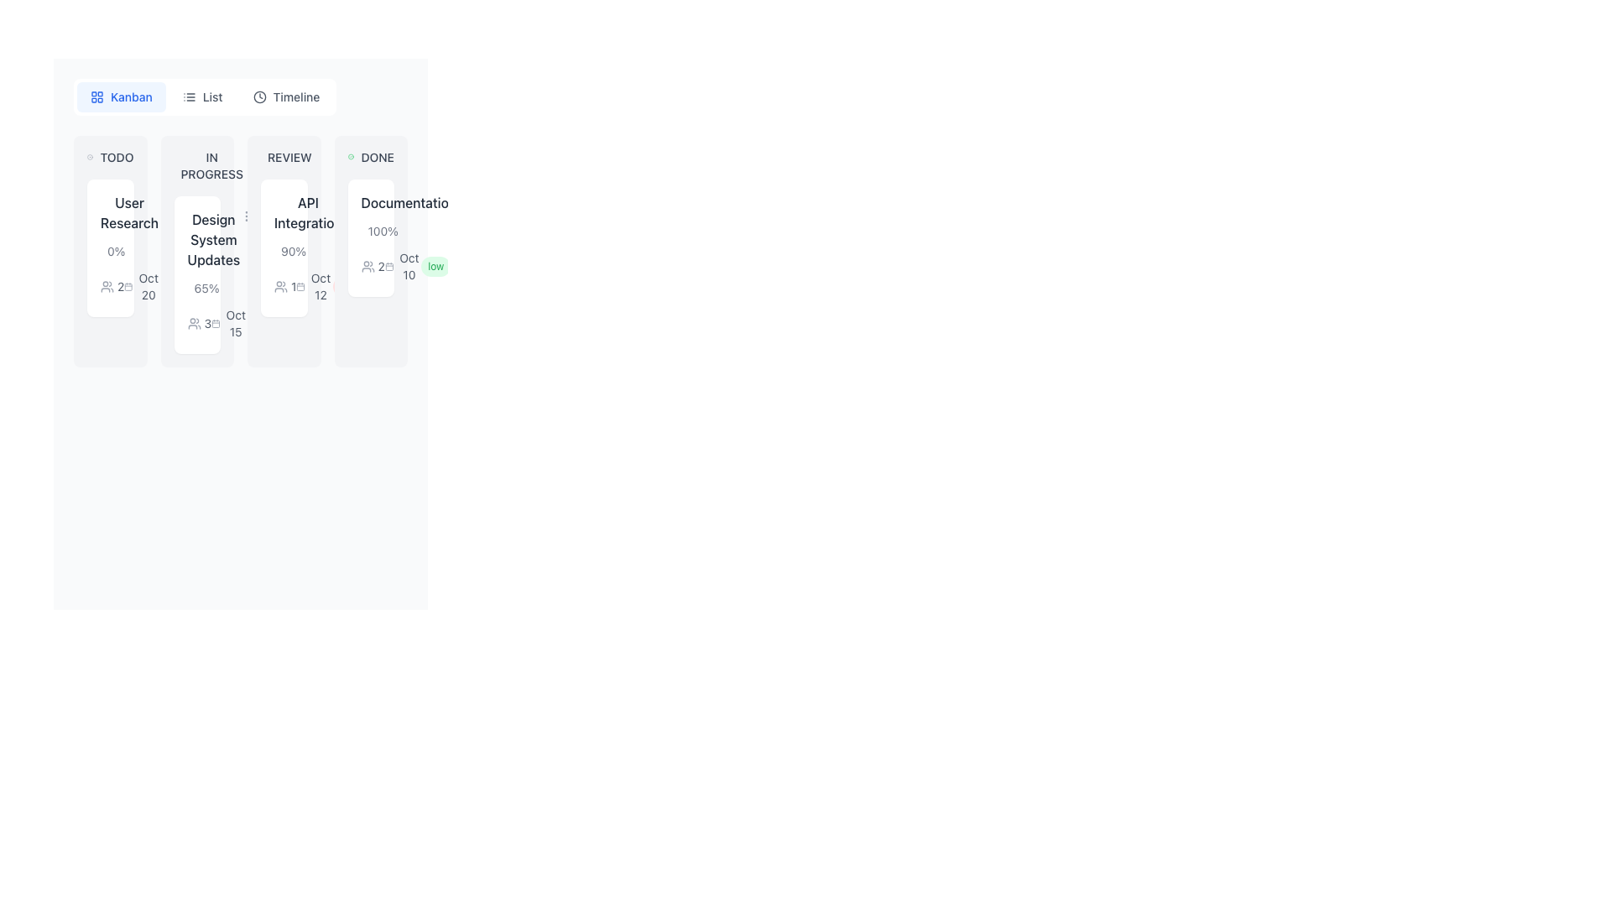 This screenshot has height=906, width=1611. Describe the element at coordinates (350, 158) in the screenshot. I see `the static representation of the completion icon located to the left of the 'DONE' text in the Kanban board interface` at that location.